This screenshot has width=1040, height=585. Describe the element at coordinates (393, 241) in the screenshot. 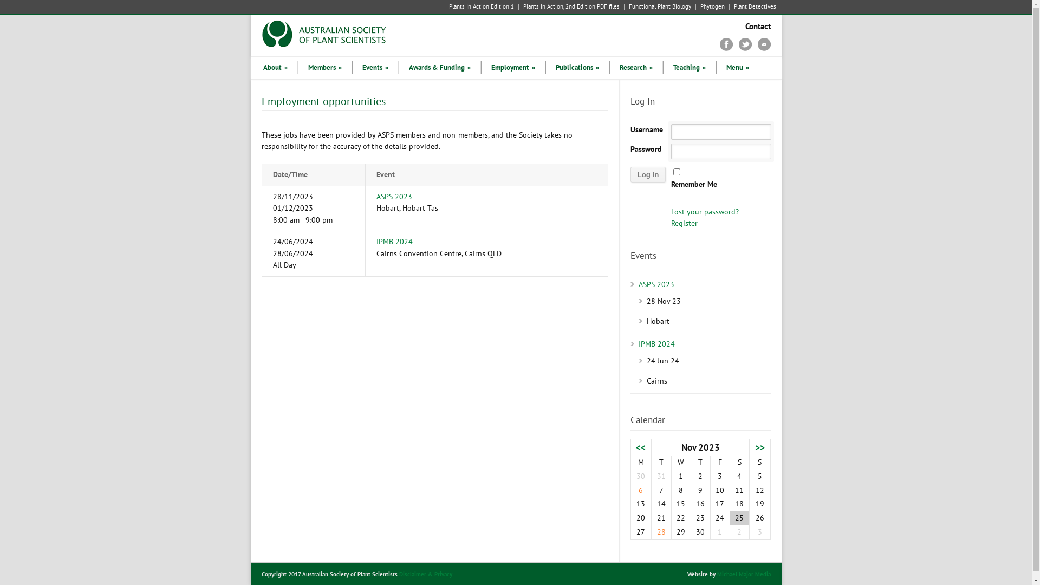

I see `'IPMB 2024'` at that location.